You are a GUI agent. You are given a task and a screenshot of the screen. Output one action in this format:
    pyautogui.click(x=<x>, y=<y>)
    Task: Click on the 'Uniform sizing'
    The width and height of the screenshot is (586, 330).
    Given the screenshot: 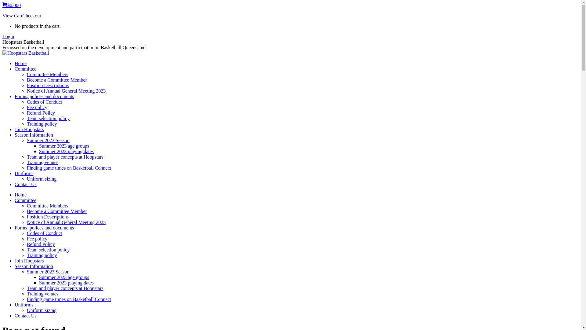 What is the action you would take?
    pyautogui.click(x=41, y=179)
    